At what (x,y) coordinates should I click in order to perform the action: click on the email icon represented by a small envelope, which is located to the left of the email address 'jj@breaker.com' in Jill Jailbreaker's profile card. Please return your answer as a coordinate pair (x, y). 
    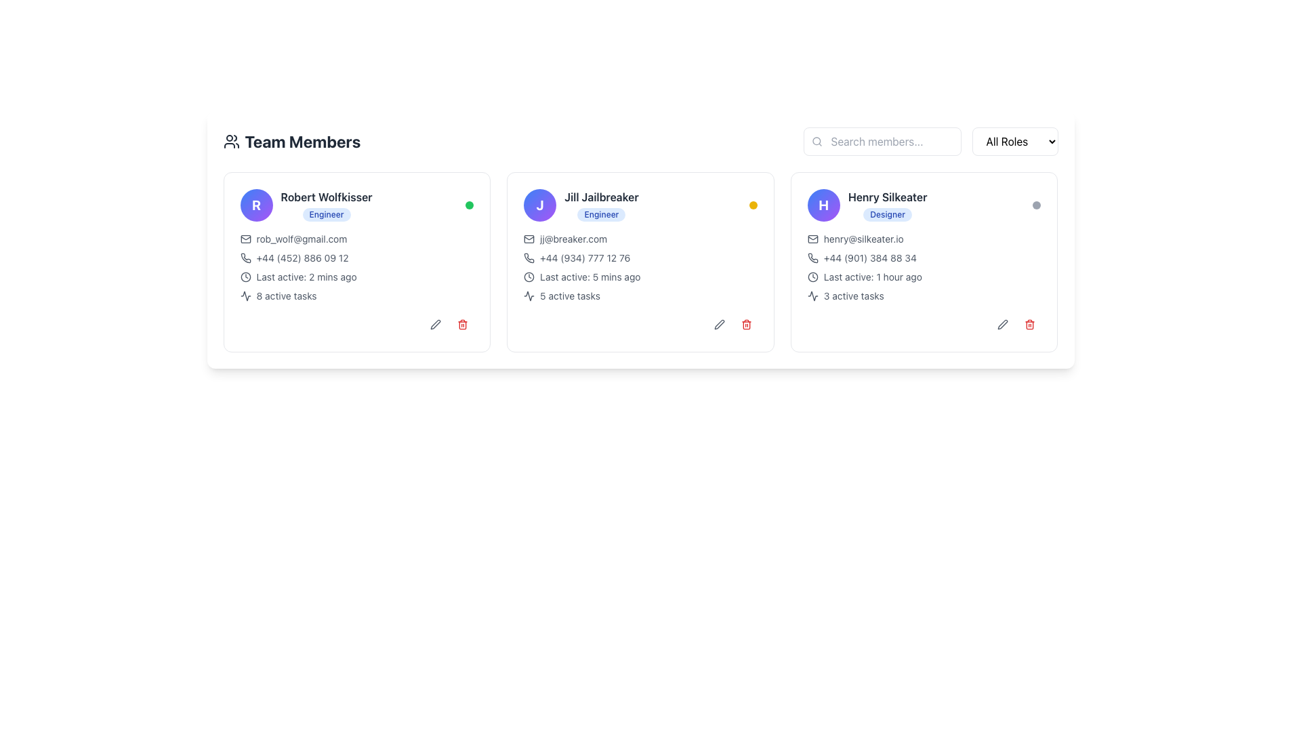
    Looking at the image, I should click on (529, 239).